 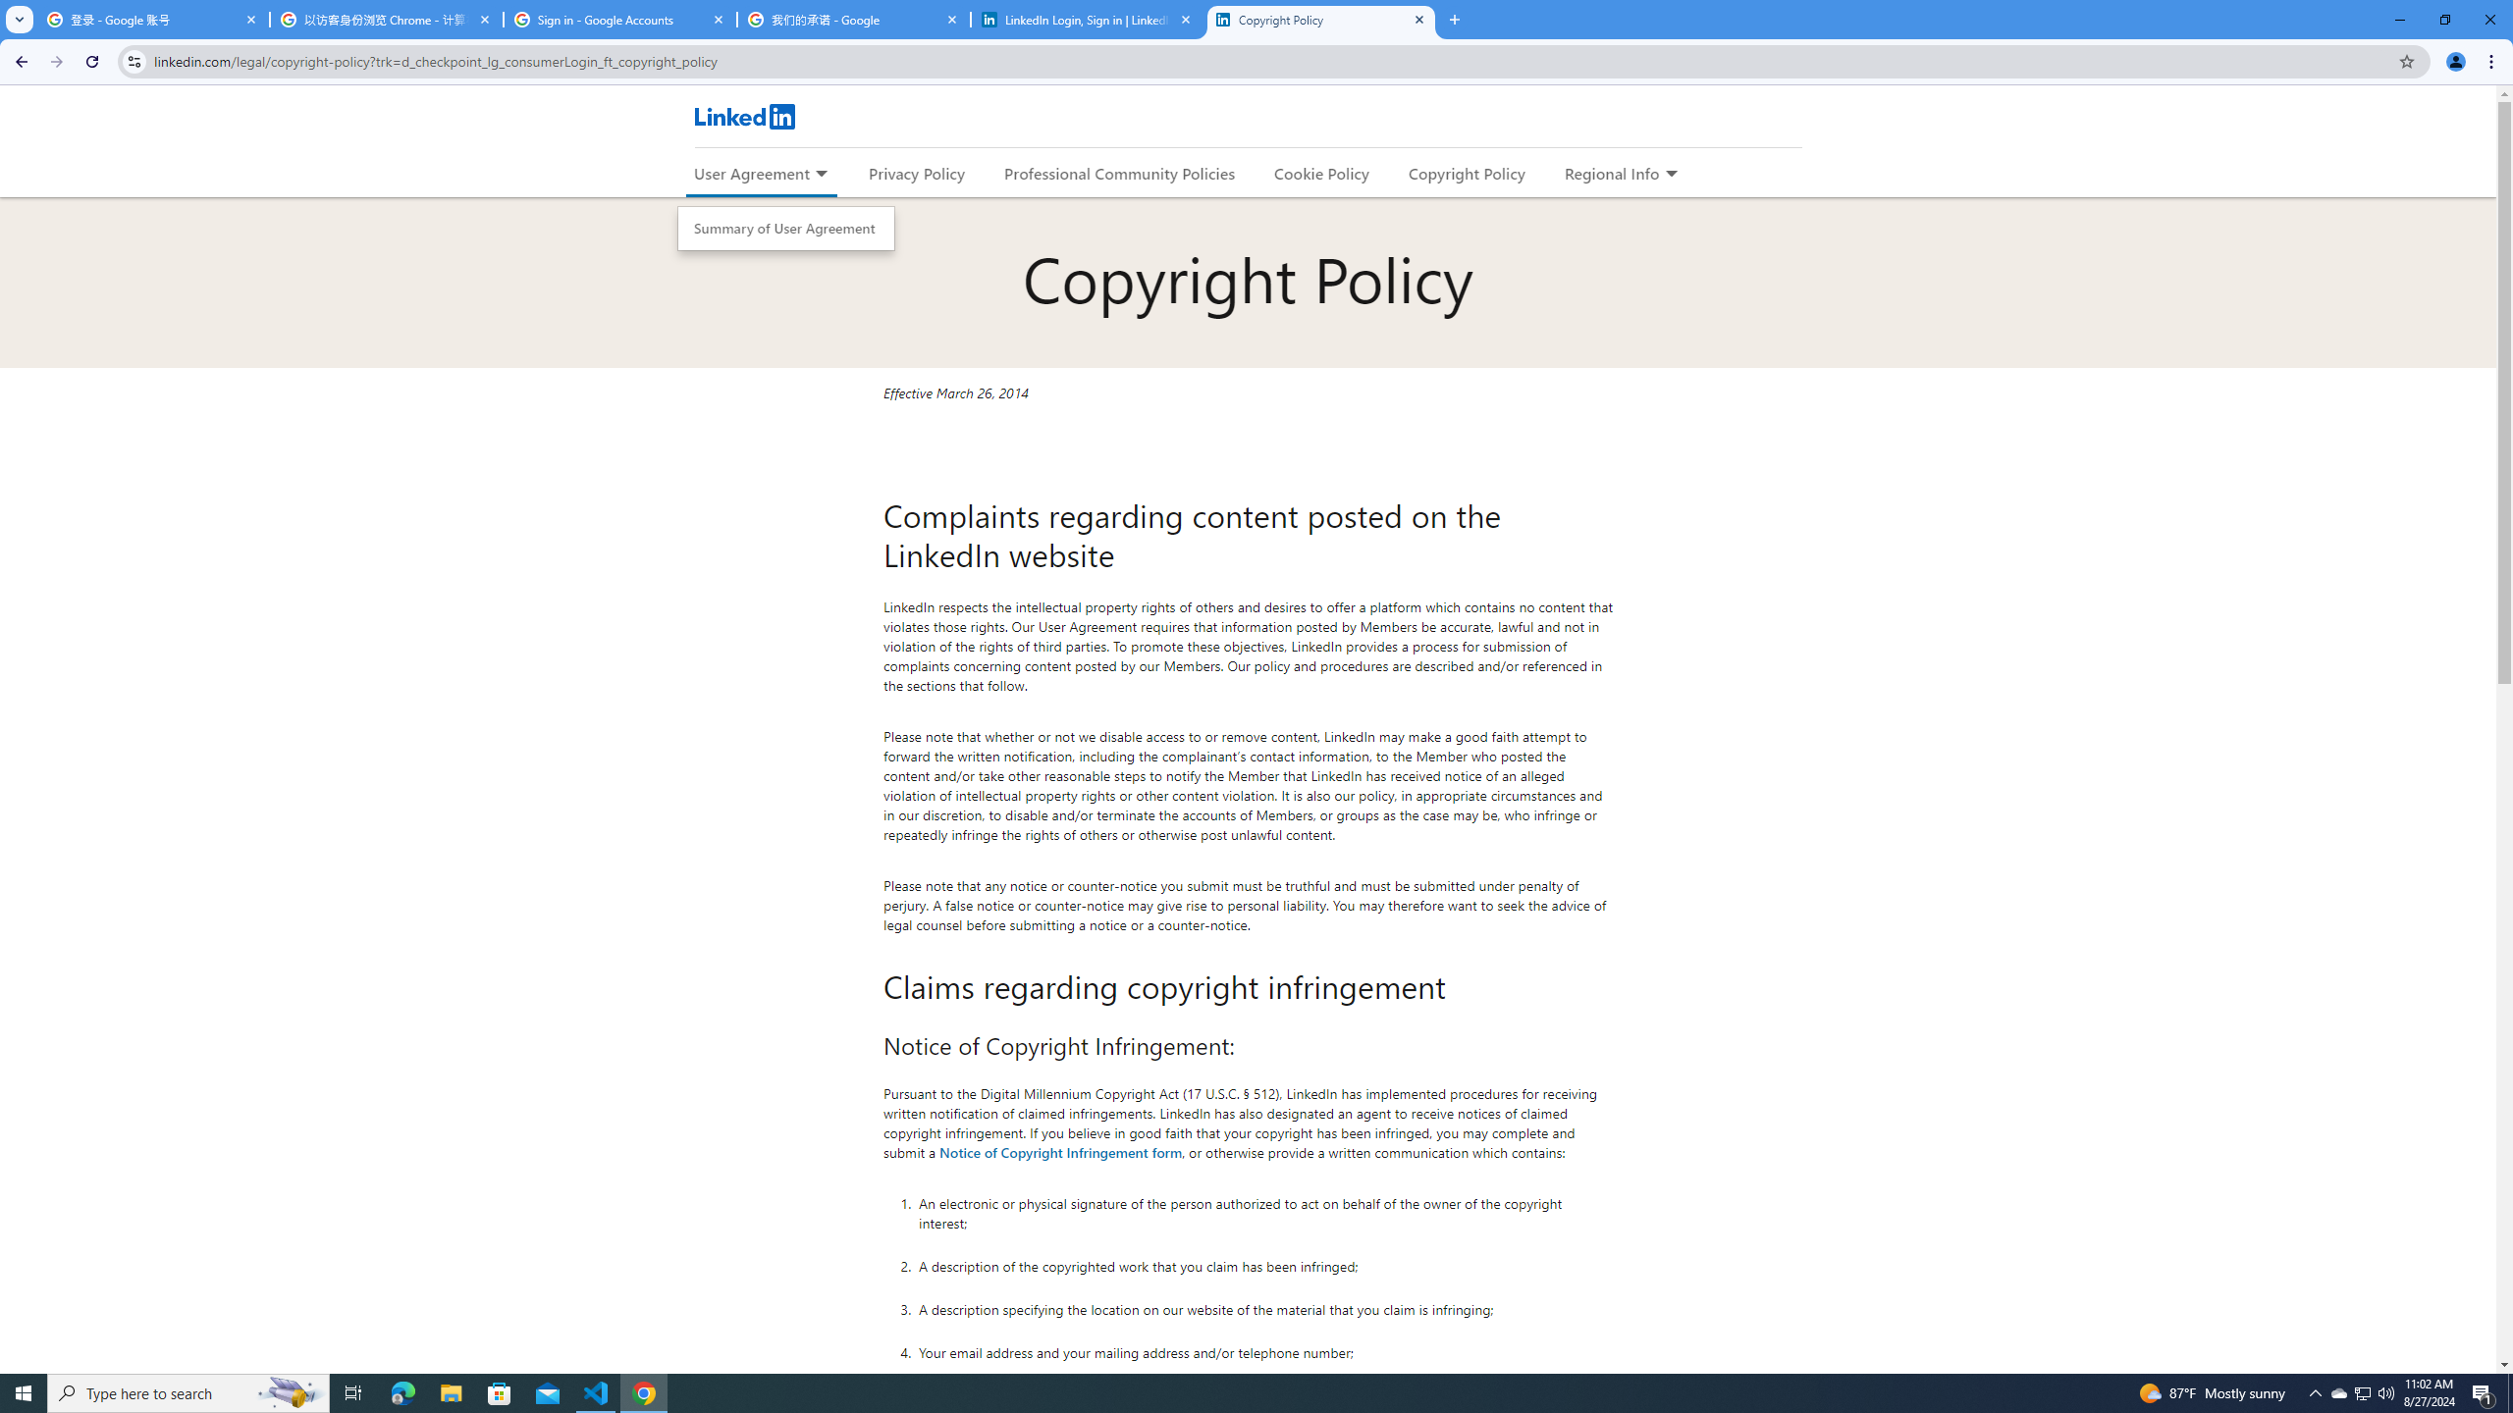 I want to click on 'Expand to show more links for Regional Info', so click(x=1670, y=174).